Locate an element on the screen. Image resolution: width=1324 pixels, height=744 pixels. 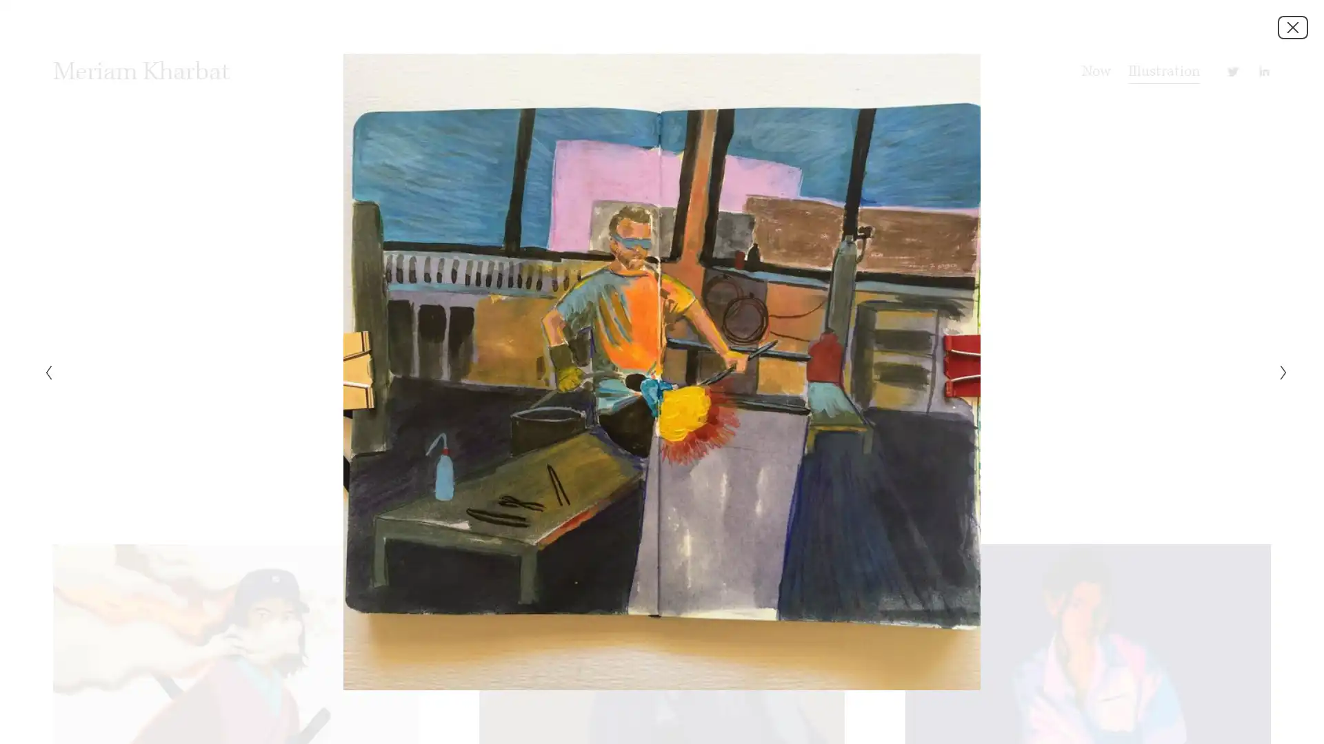
Previous Slide is located at coordinates (43, 372).